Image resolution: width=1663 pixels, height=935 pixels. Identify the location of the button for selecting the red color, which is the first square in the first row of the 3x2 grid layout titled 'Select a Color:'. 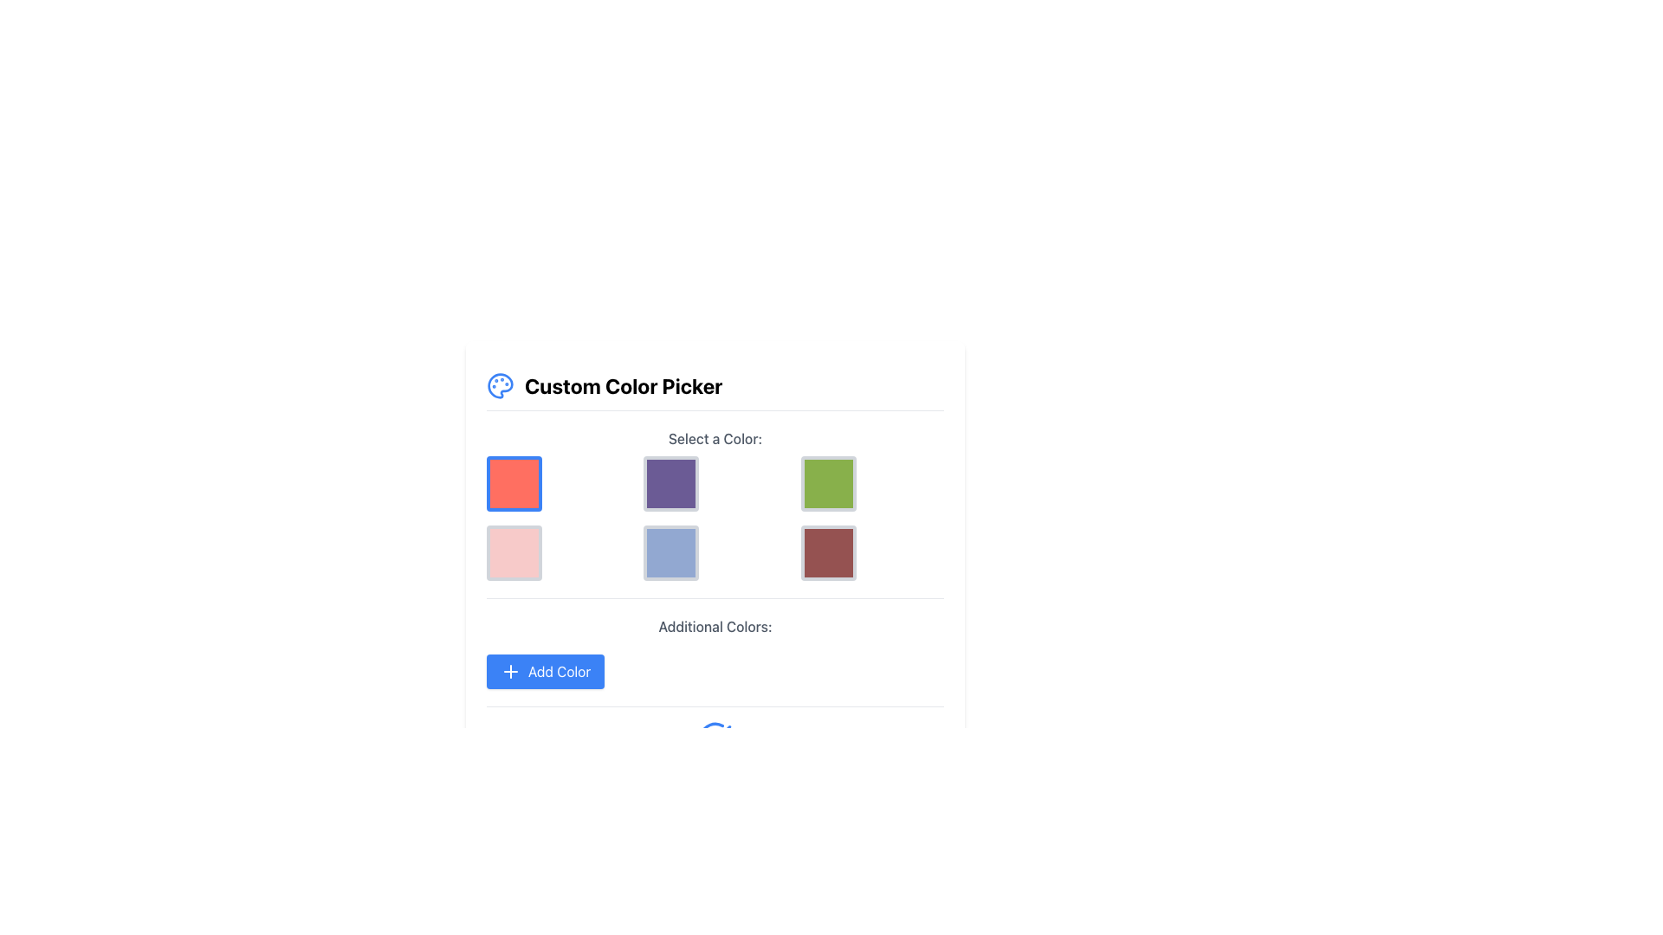
(514, 484).